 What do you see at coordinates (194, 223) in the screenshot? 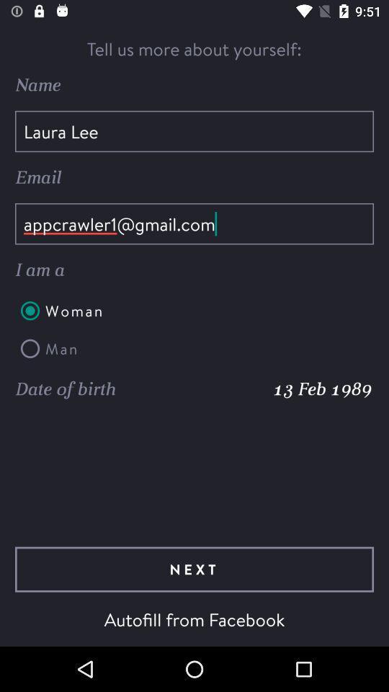
I see `the icon above i am a item` at bounding box center [194, 223].